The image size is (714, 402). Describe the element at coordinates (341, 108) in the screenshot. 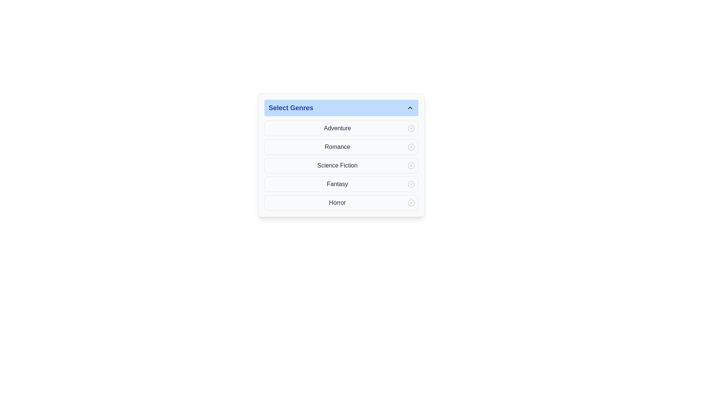

I see `the dropdown toggle button located at the top of the card section` at that location.